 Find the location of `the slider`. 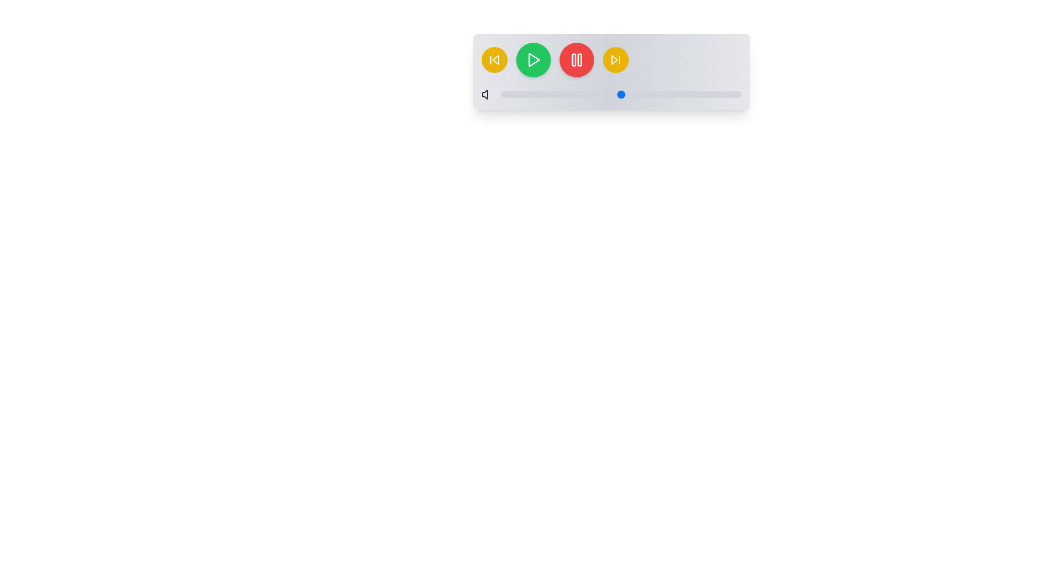

the slider is located at coordinates (714, 94).